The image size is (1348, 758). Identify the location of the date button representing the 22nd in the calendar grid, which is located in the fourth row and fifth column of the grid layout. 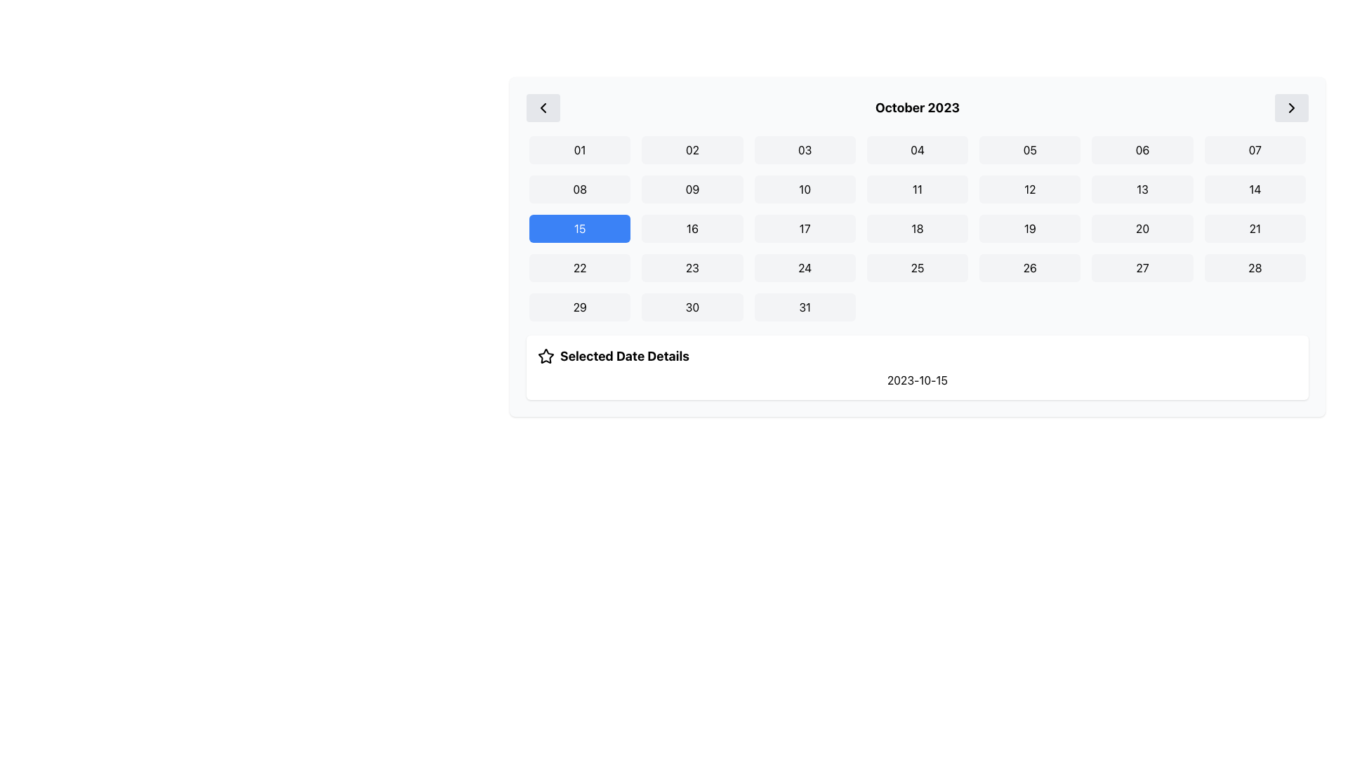
(580, 267).